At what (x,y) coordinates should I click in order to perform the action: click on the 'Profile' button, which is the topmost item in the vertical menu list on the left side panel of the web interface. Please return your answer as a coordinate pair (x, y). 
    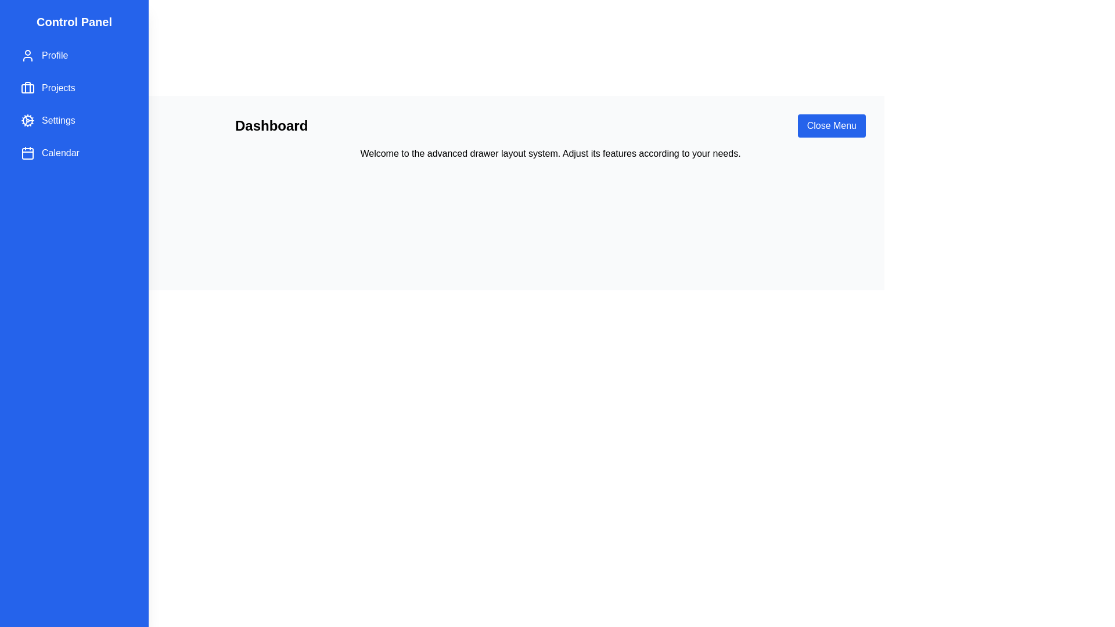
    Looking at the image, I should click on (74, 56).